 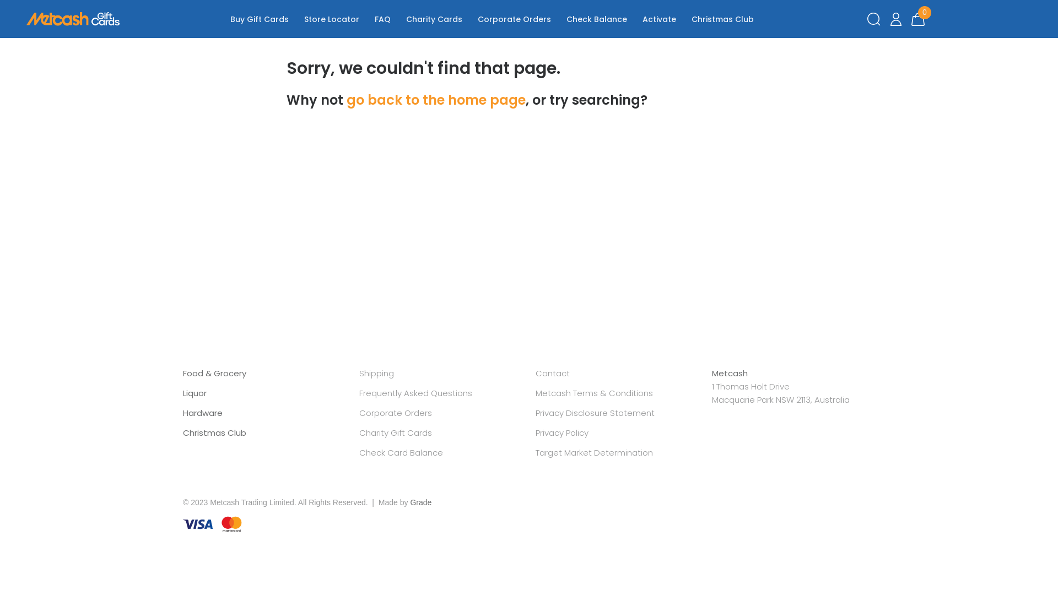 I want to click on 'Charity Gift Cards', so click(x=396, y=432).